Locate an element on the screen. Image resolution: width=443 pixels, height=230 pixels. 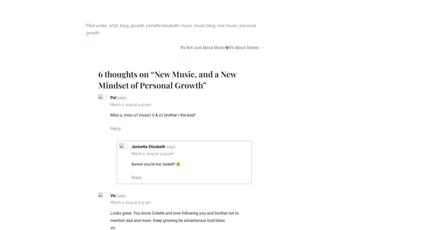
'“New Music, and a New Mindset of Personal Growth”' is located at coordinates (167, 79).